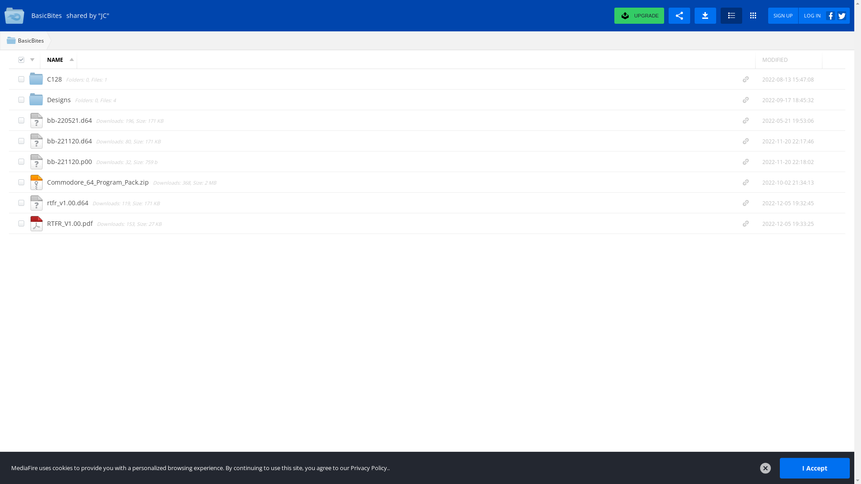 This screenshot has width=861, height=484. I want to click on 'Select/Deselect Item', so click(21, 78).